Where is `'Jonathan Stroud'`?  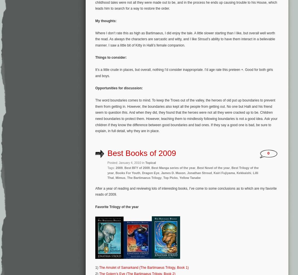
'Jonathan Stroud' is located at coordinates (199, 172).